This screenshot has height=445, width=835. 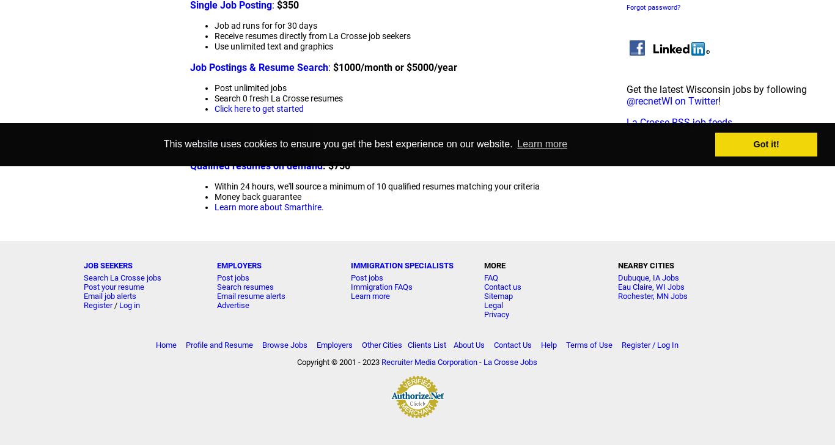 I want to click on 'Job Postings & Resume Search', so click(x=190, y=67).